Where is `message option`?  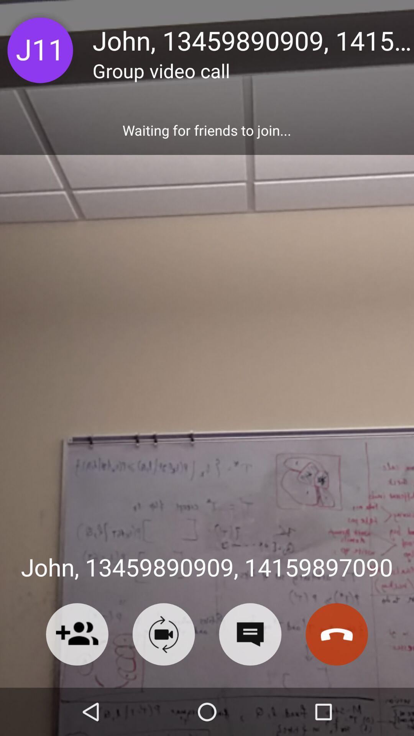
message option is located at coordinates (250, 634).